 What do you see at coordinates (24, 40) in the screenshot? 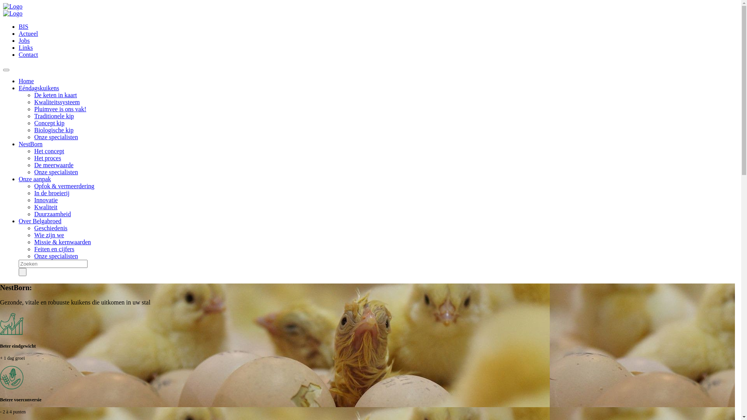
I see `'Jobs'` at bounding box center [24, 40].